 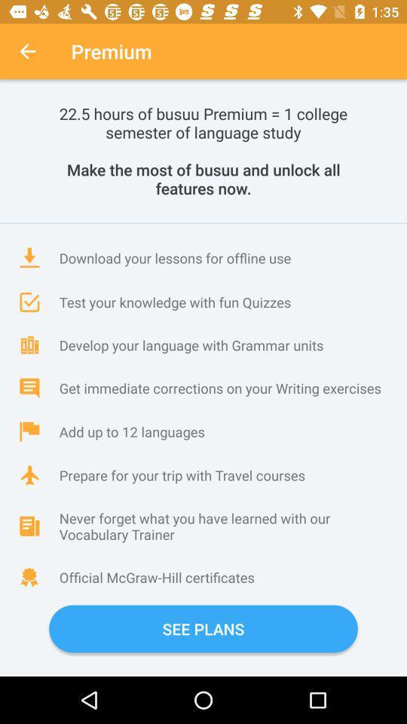 I want to click on see plans icon, so click(x=203, y=629).